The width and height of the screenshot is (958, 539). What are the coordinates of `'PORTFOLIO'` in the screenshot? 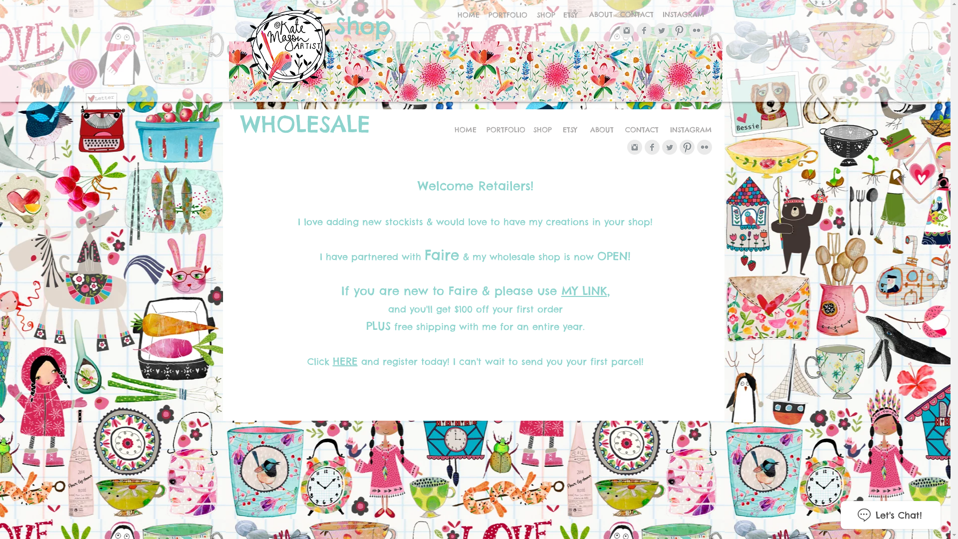 It's located at (484, 130).